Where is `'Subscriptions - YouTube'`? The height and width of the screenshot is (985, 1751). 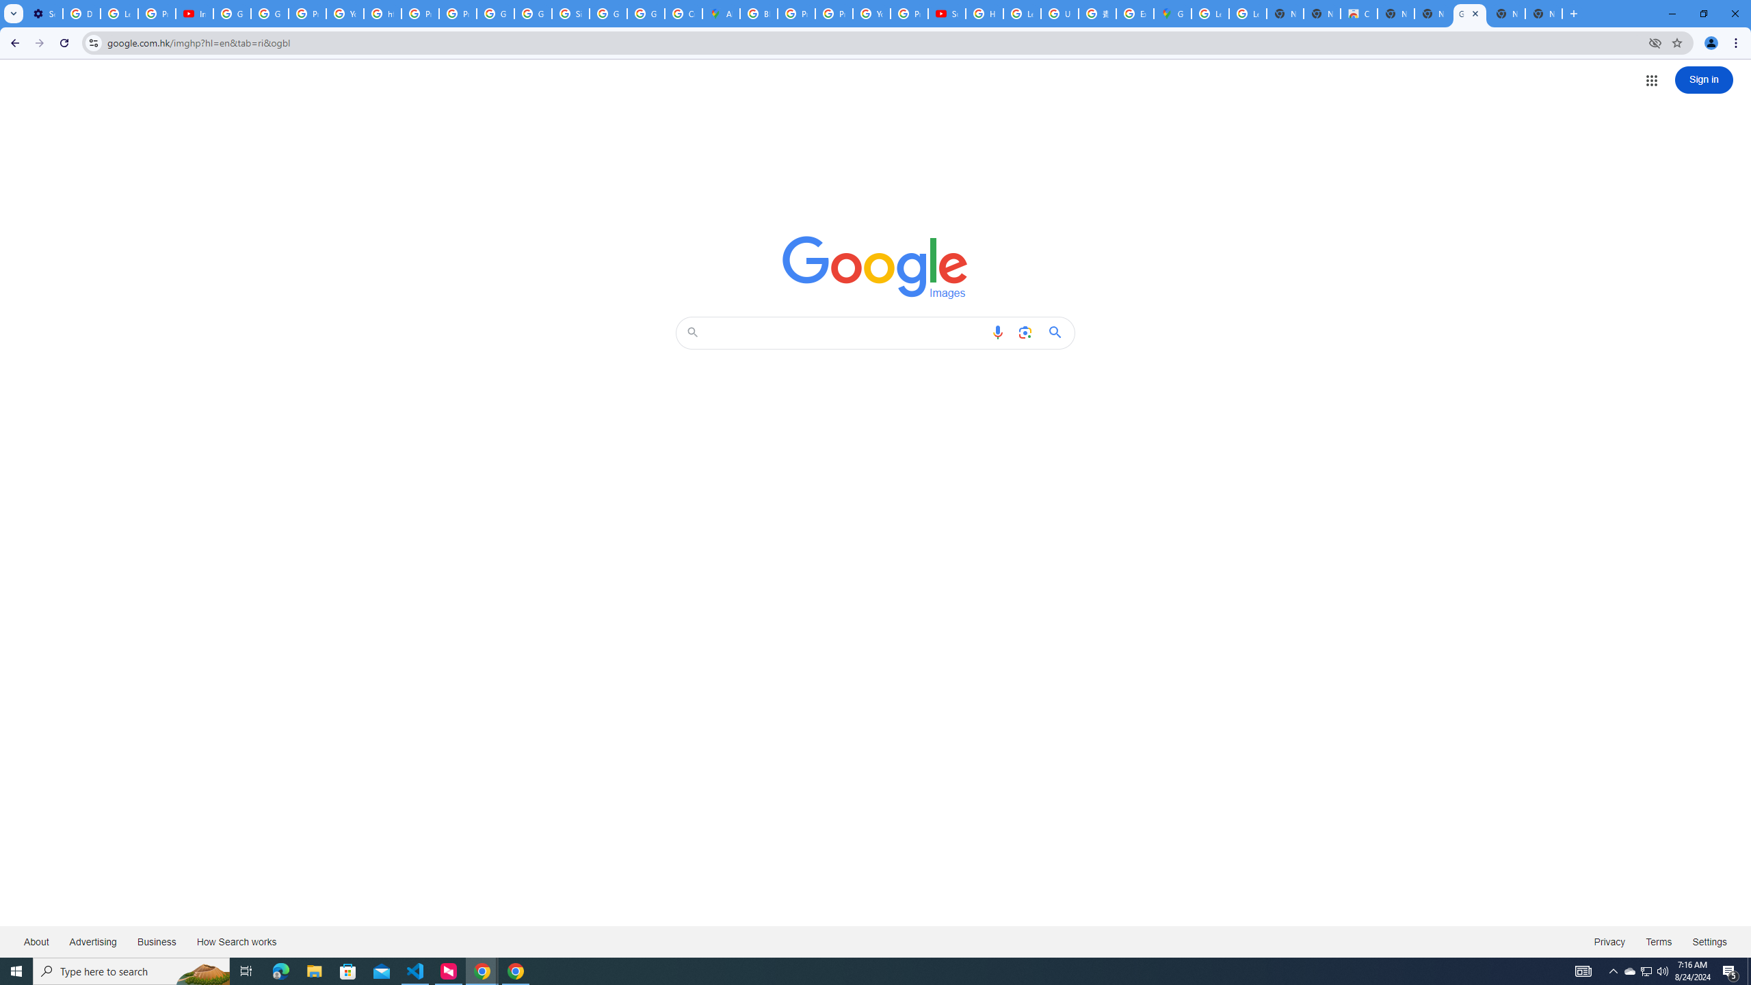
'Subscriptions - YouTube' is located at coordinates (946, 13).